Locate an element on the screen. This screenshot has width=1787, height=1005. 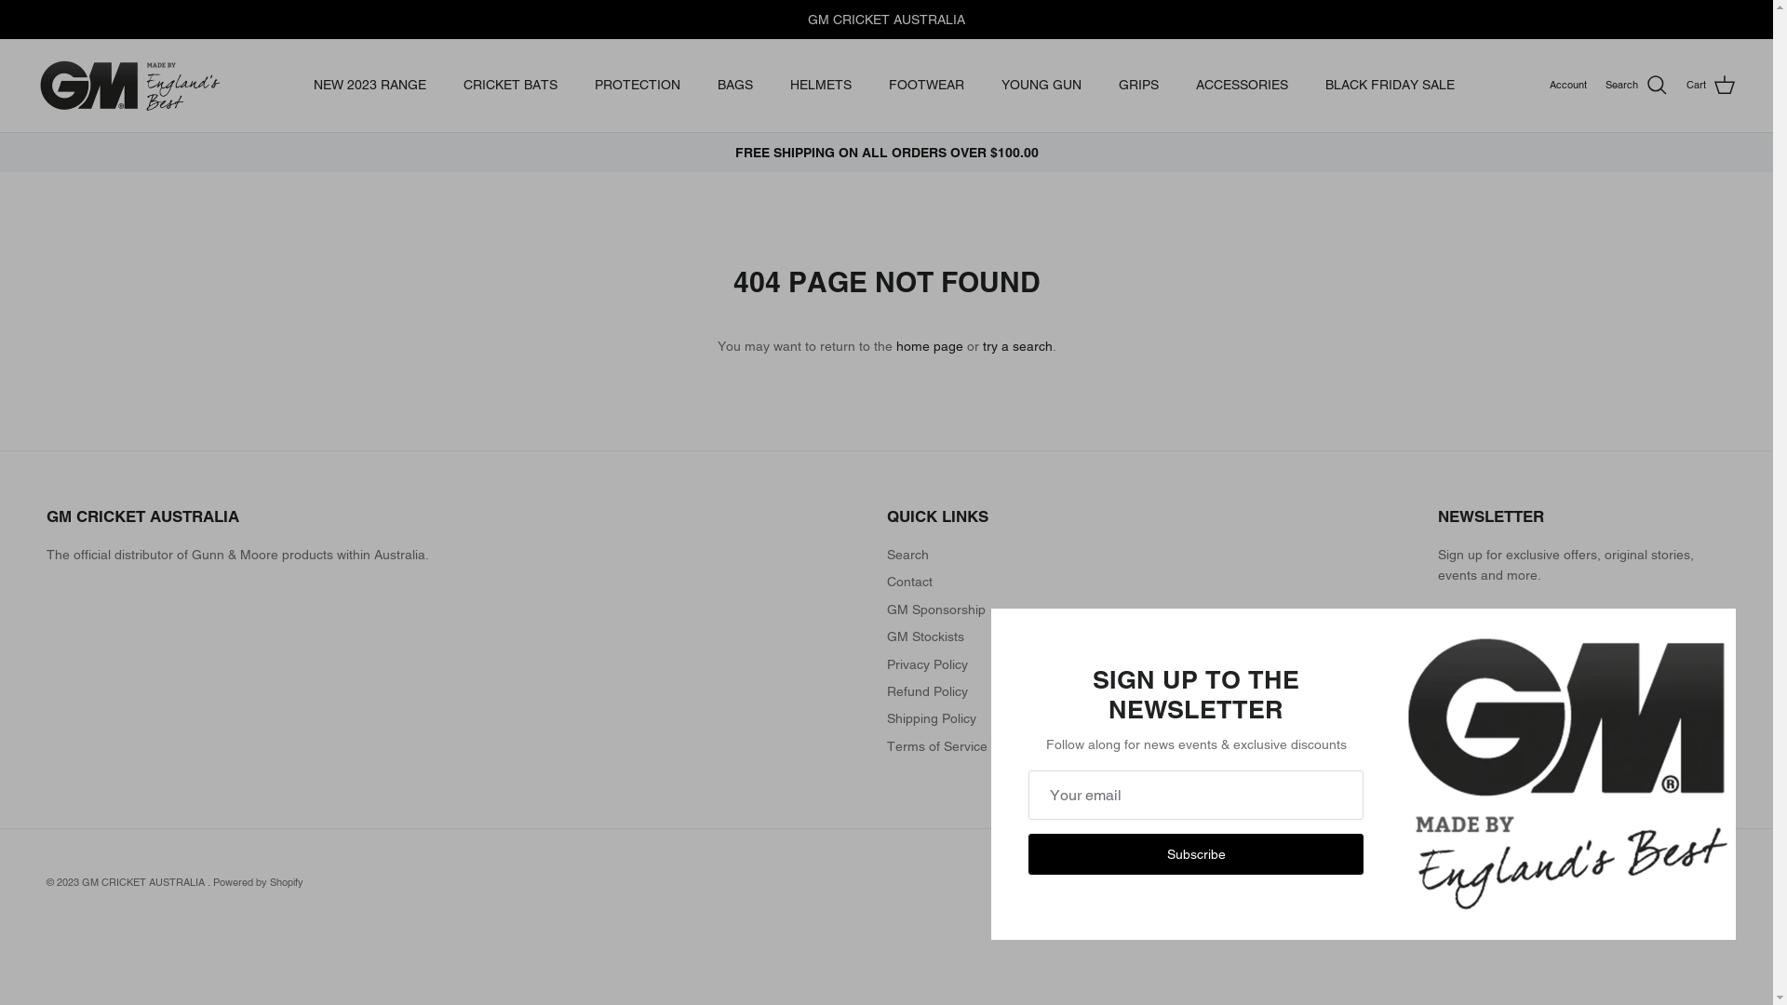
'Cart' is located at coordinates (1711, 86).